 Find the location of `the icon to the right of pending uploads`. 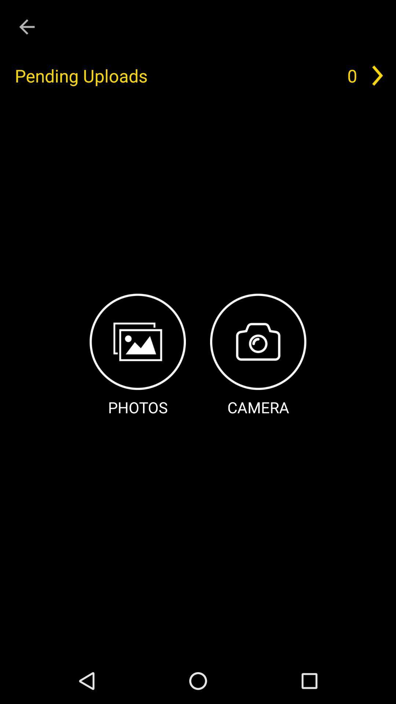

the icon to the right of pending uploads is located at coordinates (352, 76).